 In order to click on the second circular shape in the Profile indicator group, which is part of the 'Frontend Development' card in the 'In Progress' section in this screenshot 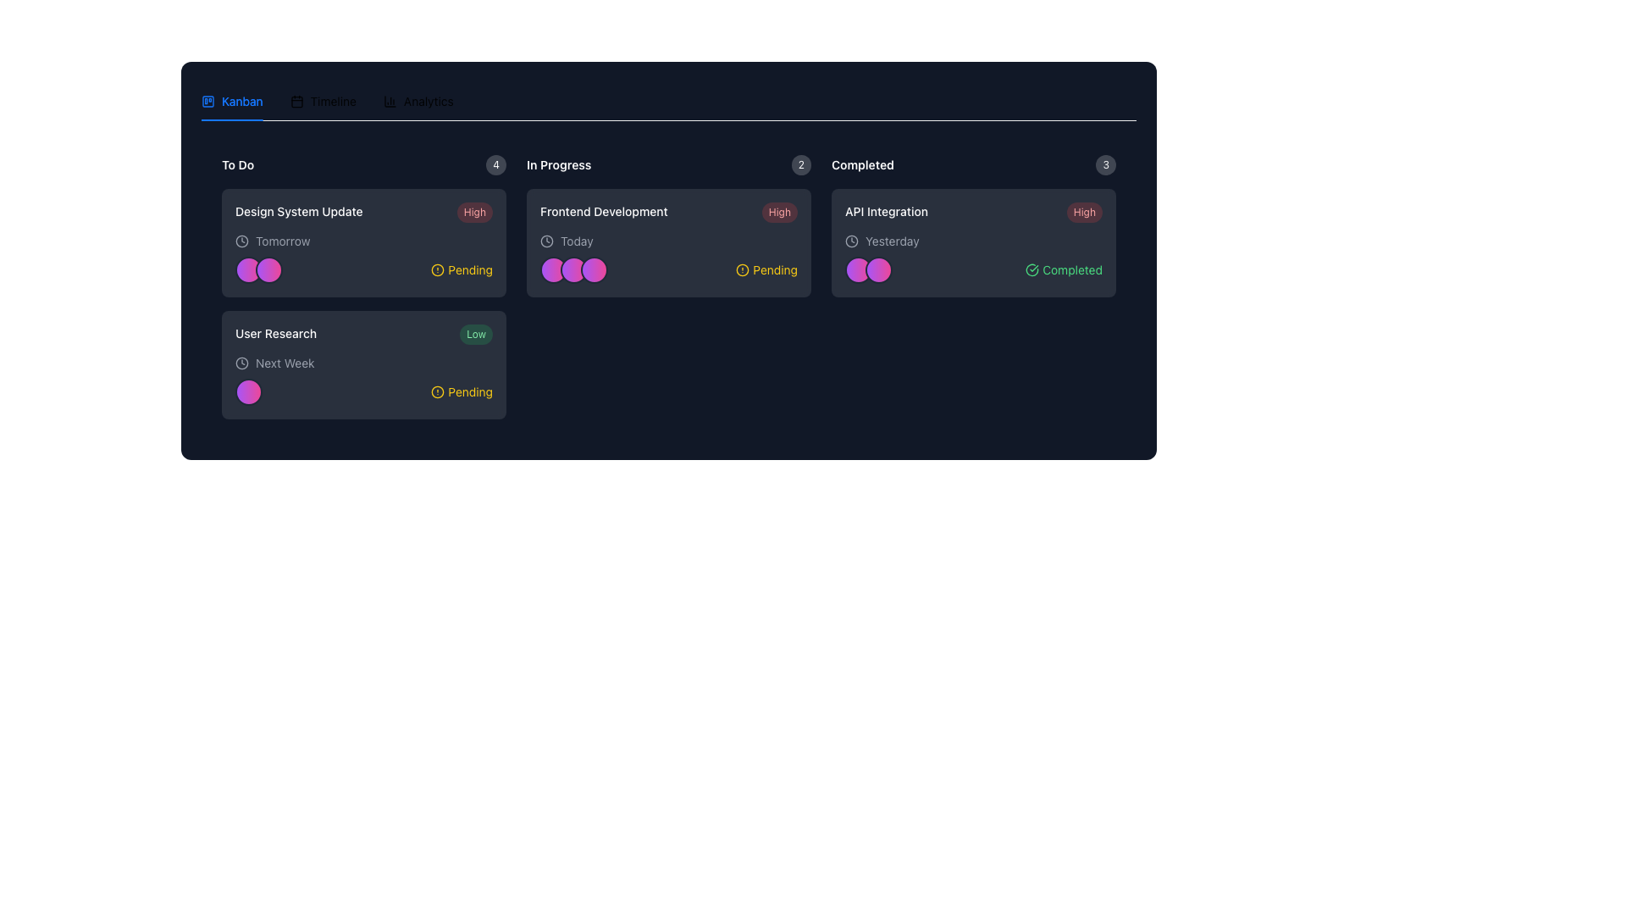, I will do `click(573, 269)`.